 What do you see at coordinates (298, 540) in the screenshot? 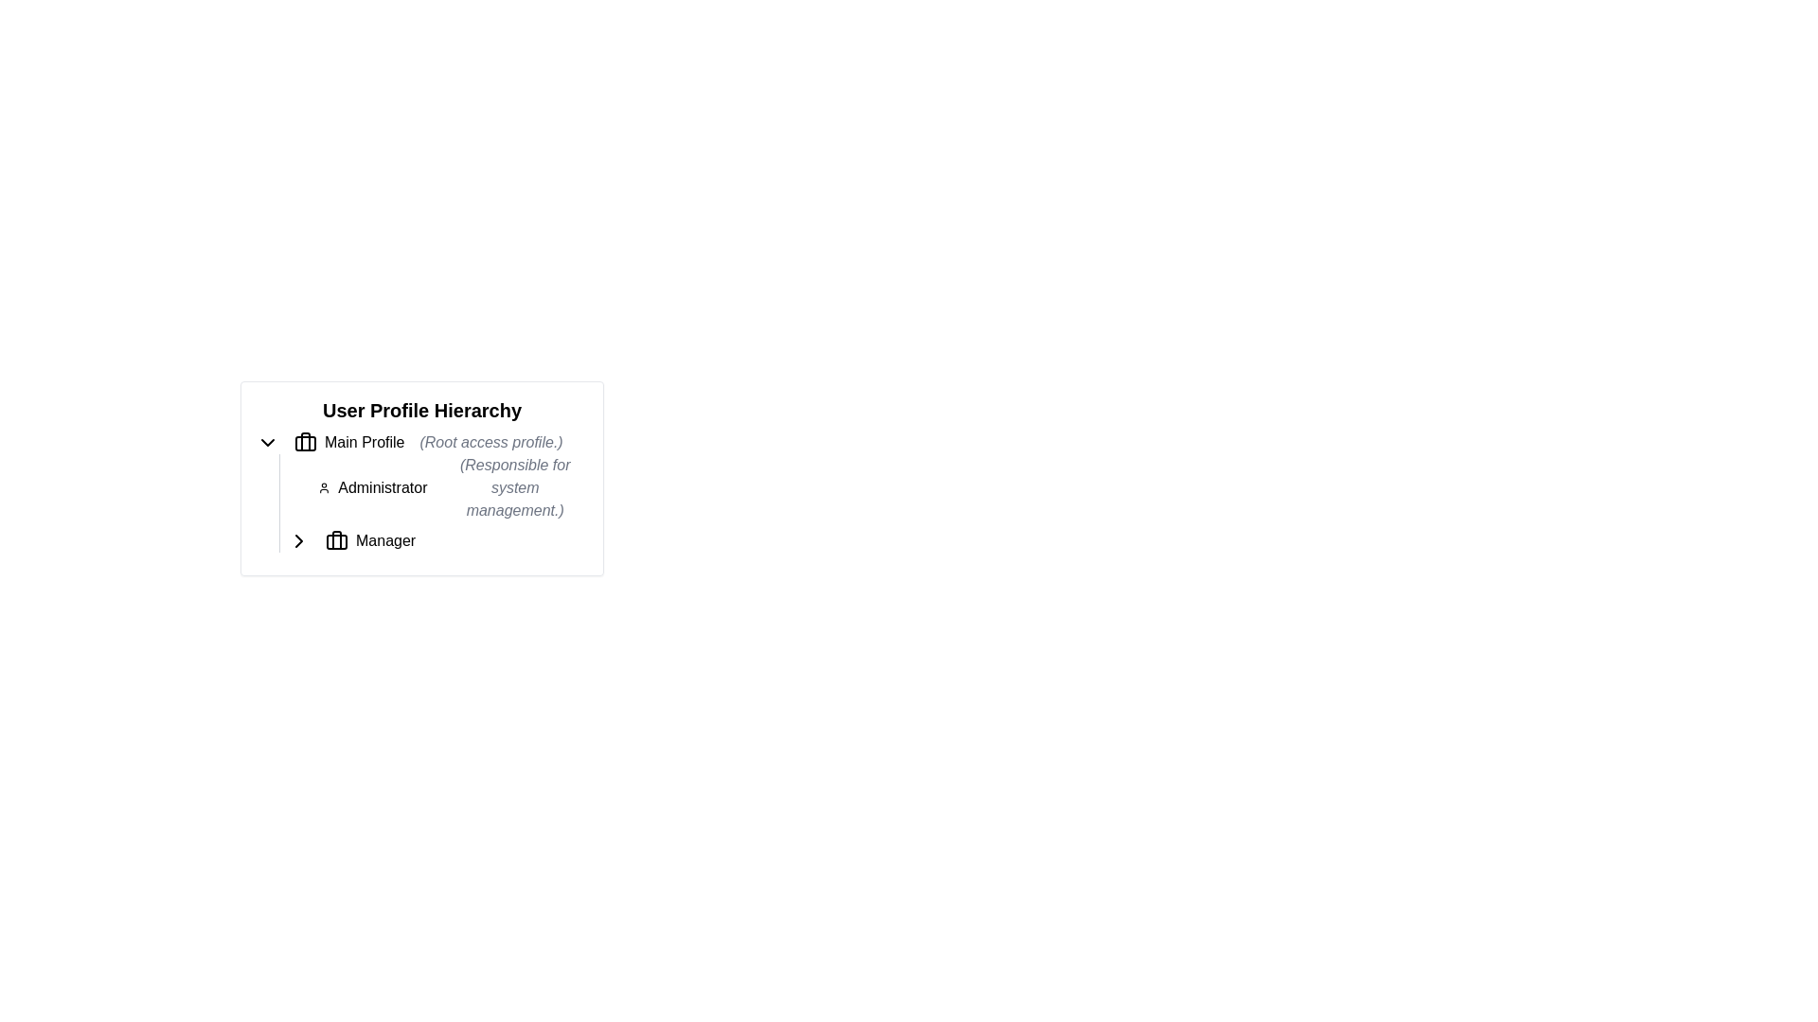
I see `the chevron icon located below the 'Administrator' label and left of 'Manager'` at bounding box center [298, 540].